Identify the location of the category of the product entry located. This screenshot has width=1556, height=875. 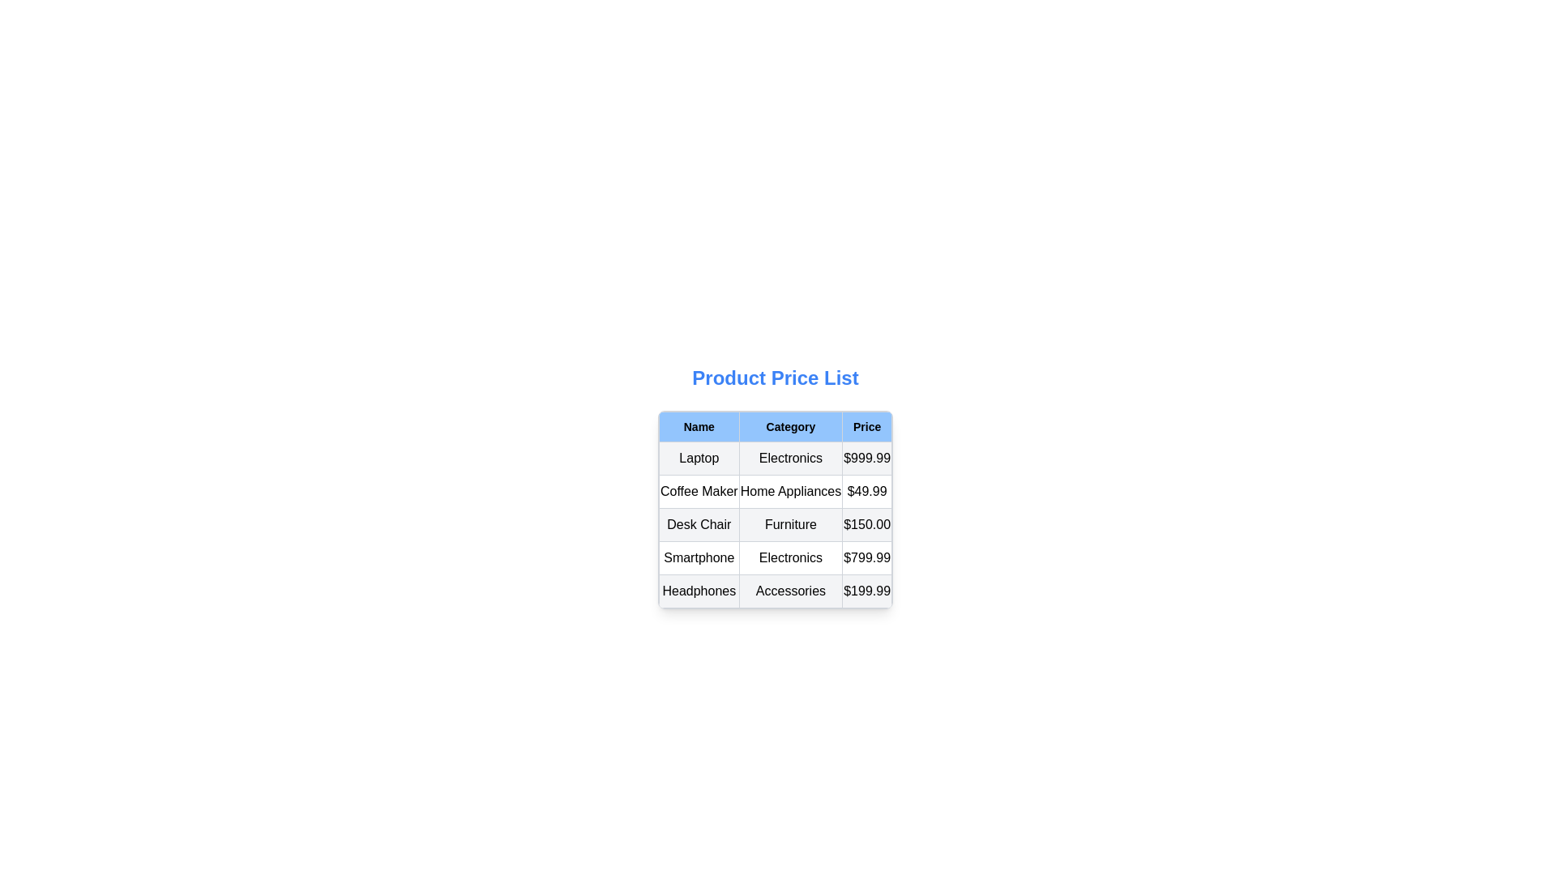
(774, 490).